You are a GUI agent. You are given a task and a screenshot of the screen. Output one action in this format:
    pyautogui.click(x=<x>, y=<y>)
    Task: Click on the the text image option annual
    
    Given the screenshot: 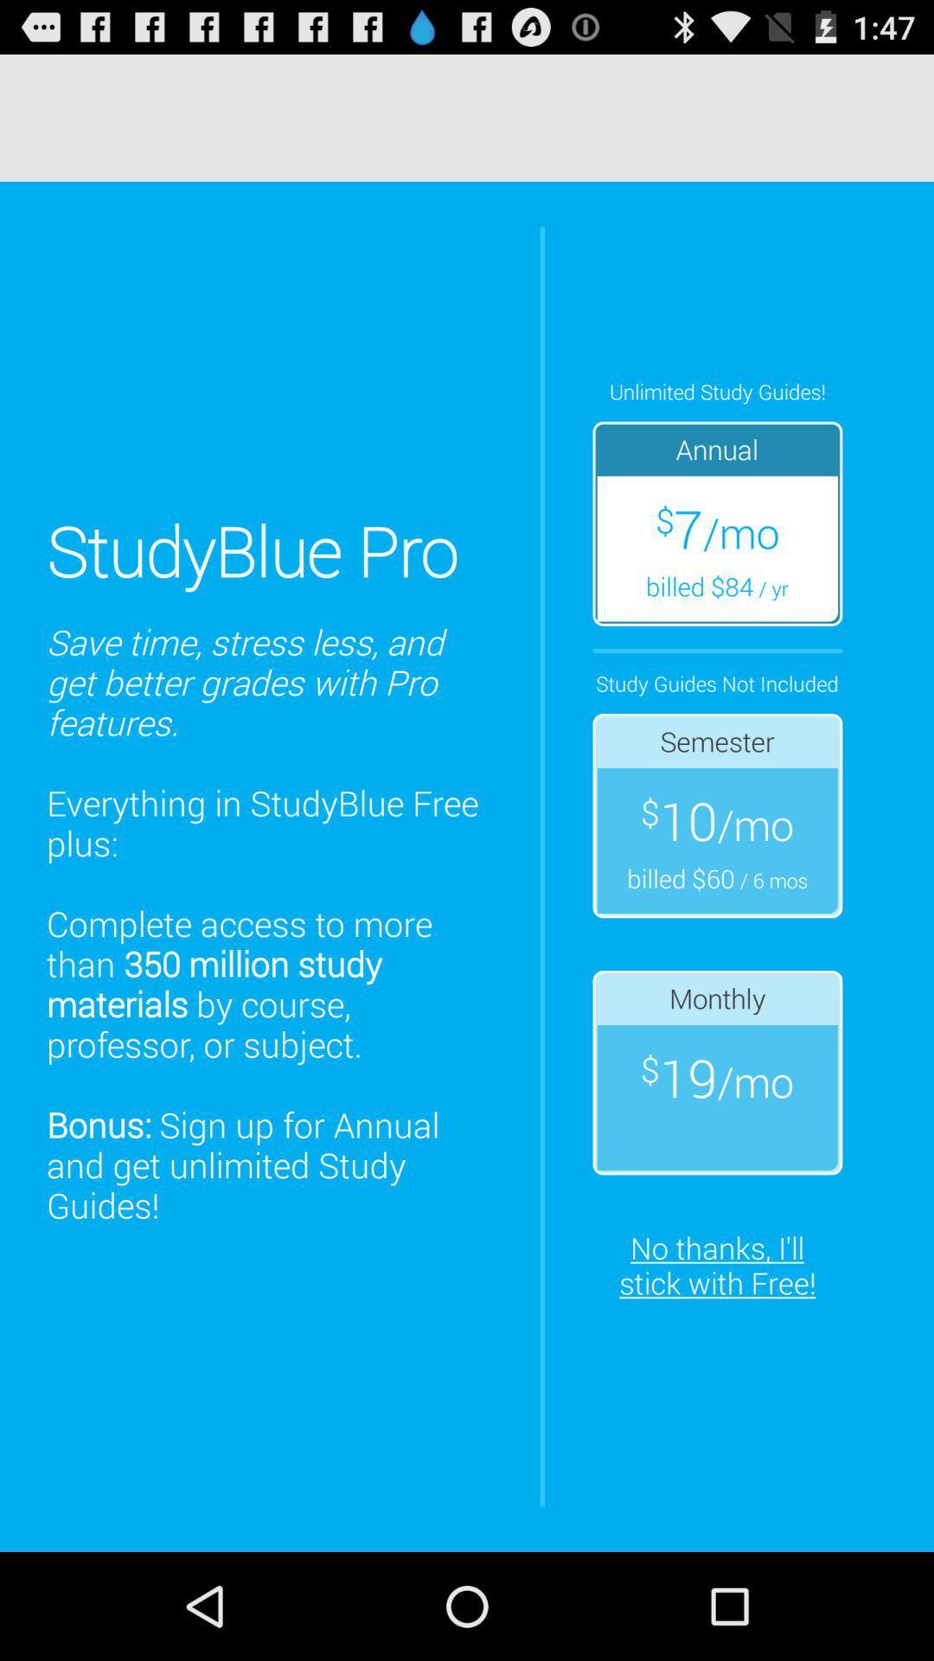 What is the action you would take?
    pyautogui.click(x=717, y=523)
    